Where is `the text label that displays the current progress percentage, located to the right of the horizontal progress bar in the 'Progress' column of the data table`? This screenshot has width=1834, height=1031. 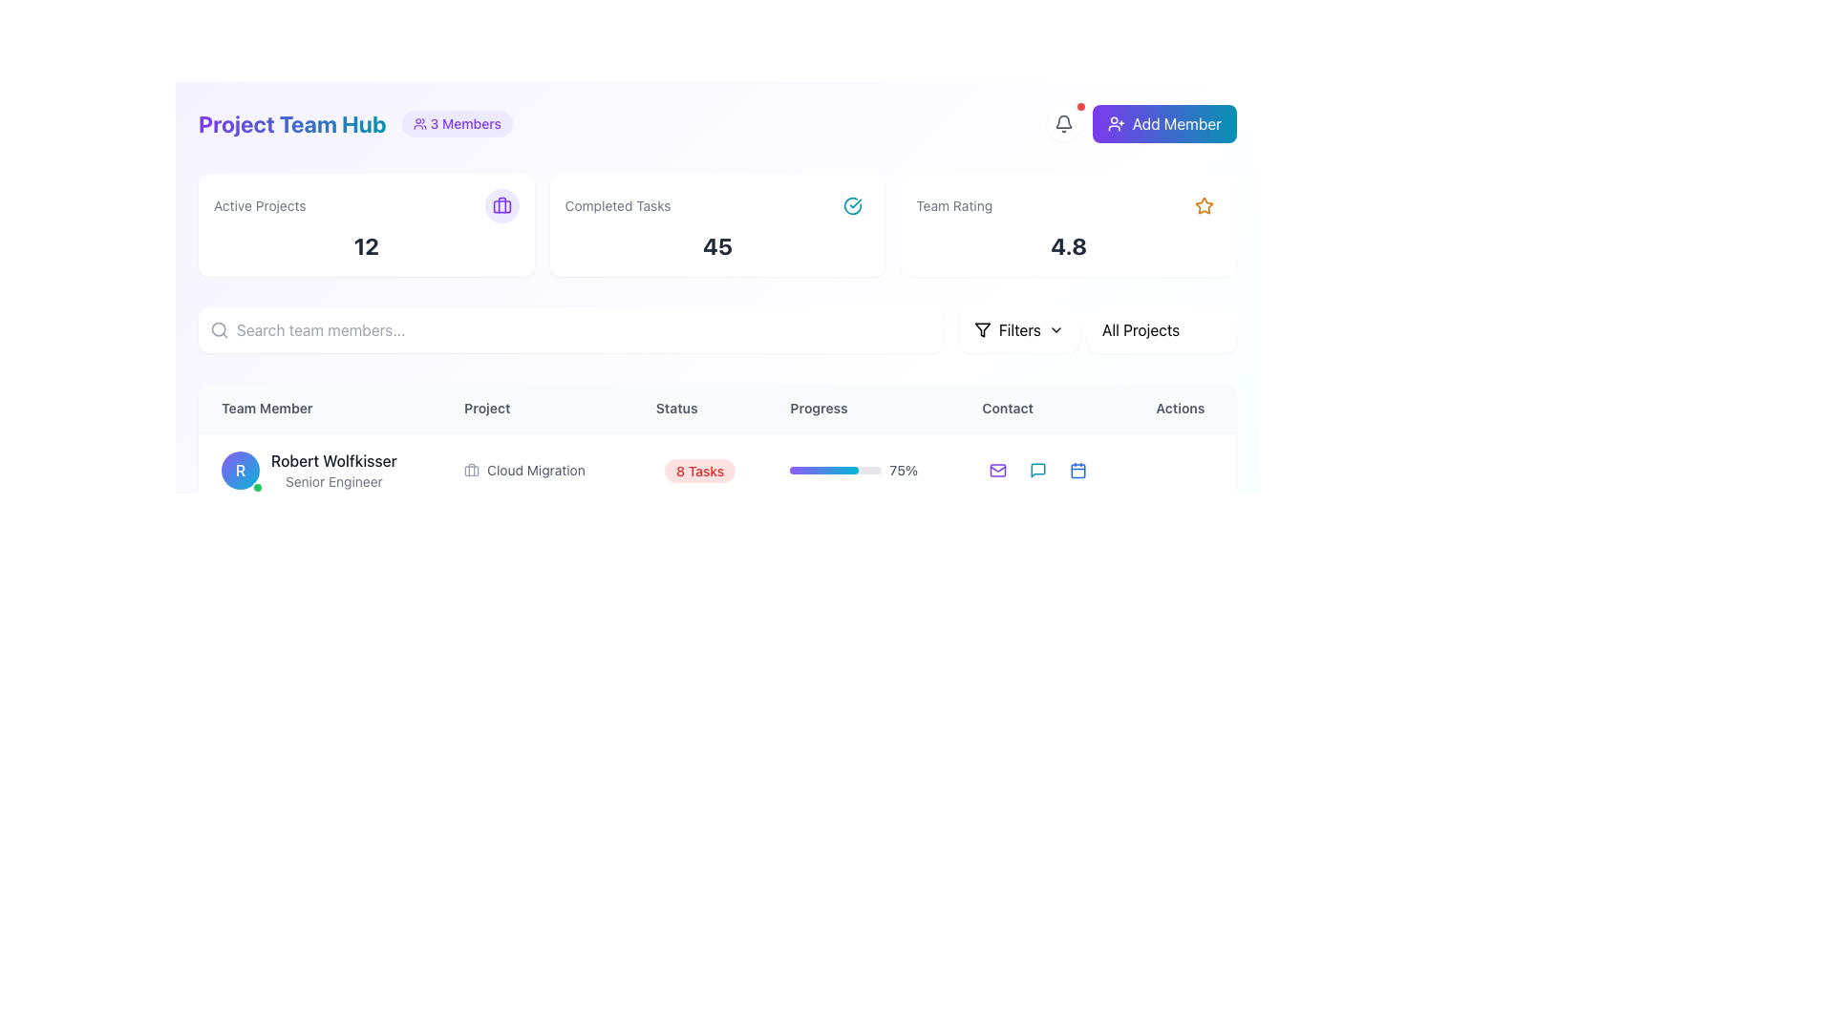
the text label that displays the current progress percentage, located to the right of the horizontal progress bar in the 'Progress' column of the data table is located at coordinates (903, 471).